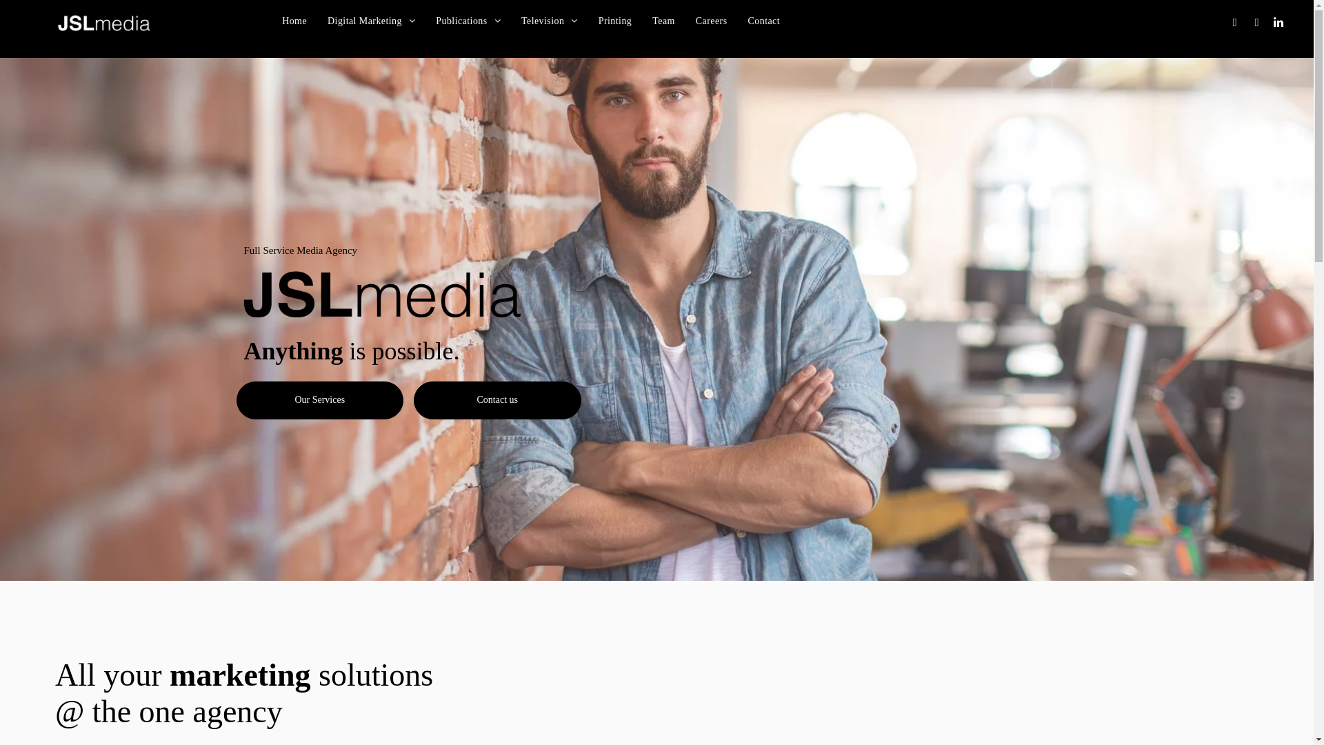 The image size is (1324, 745). Describe the element at coordinates (737, 21) in the screenshot. I see `'Contact'` at that location.